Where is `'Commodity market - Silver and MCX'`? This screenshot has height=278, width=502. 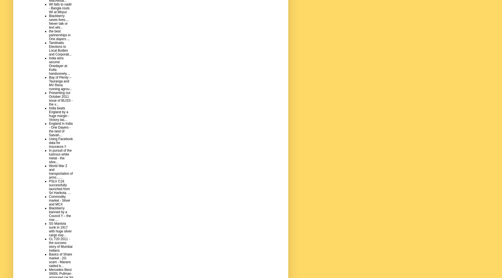
'Commodity market - Silver and MCX' is located at coordinates (59, 200).